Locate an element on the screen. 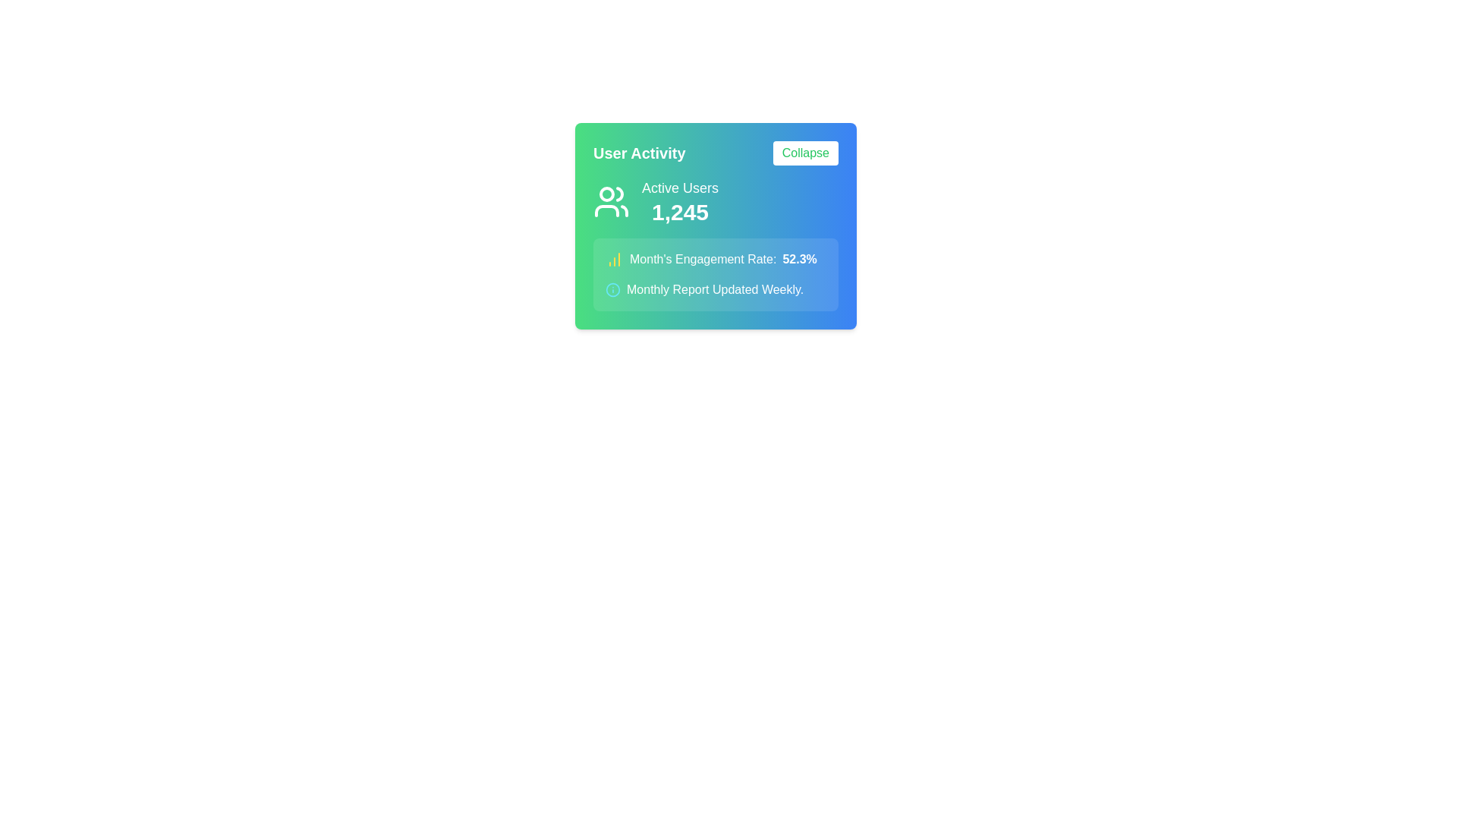 The width and height of the screenshot is (1457, 820). the Text label that indicates the number of active users, located in the 'User Activity' section, positioned above the numerical value '1,245' is located at coordinates (679, 187).